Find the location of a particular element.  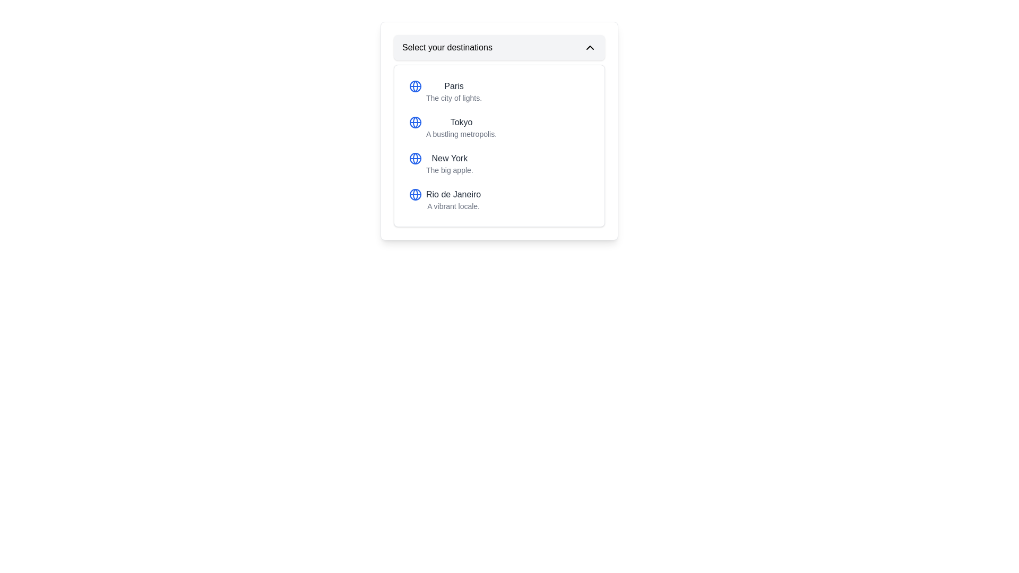

the blue globe icon represented by the SVG Circle in the dropdown menu associated with 'Paris - The city of lights.' is located at coordinates (414, 85).